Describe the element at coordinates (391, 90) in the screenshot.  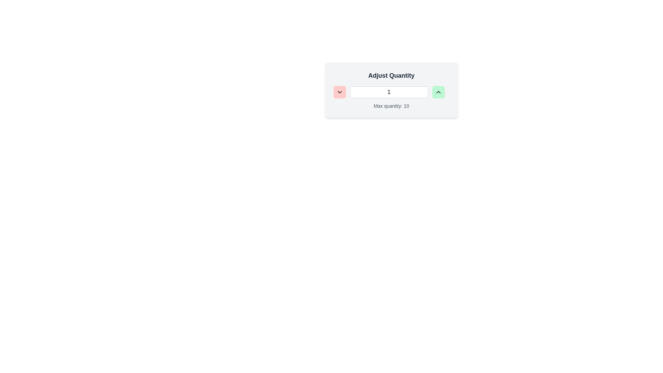
I see `the input field of the 'Adjust Quantity' component to manually adjust the value` at that location.